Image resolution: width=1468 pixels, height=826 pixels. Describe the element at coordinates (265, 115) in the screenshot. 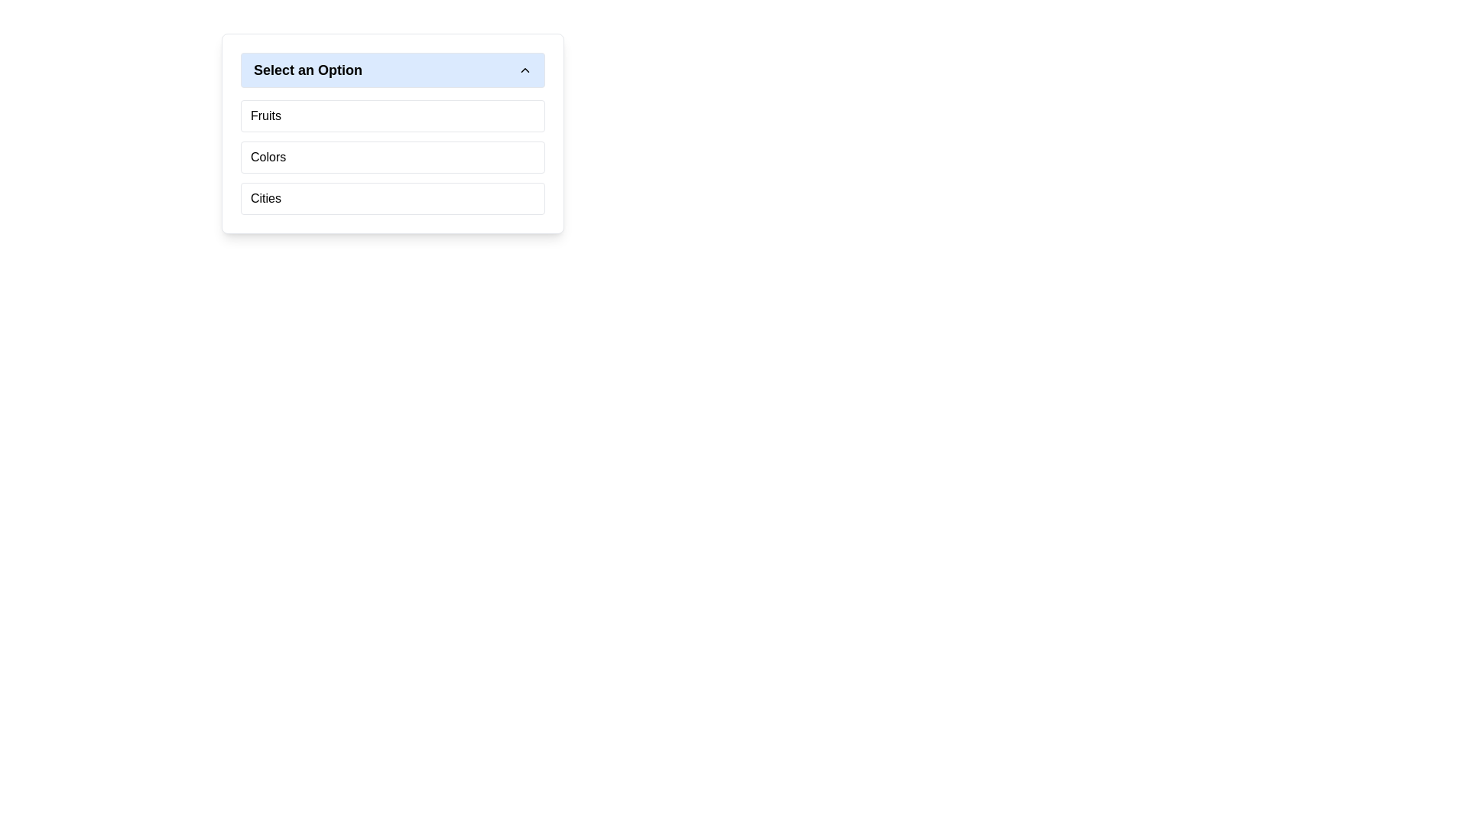

I see `the first option 'Fruits' from the dropdown menu labeled 'Select an Option' to activate or choose it` at that location.